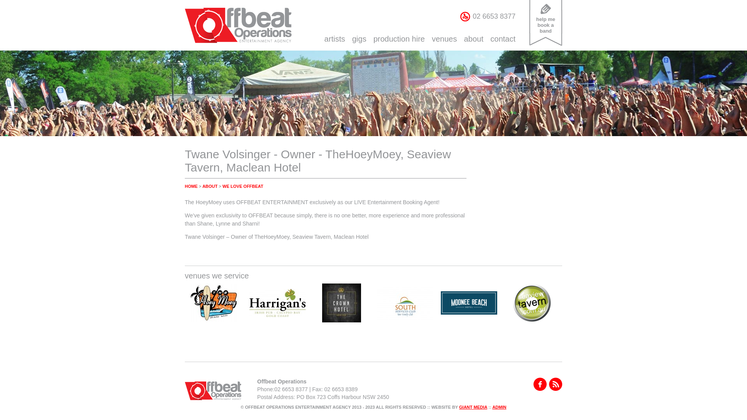  Describe the element at coordinates (473, 39) in the screenshot. I see `'about'` at that location.